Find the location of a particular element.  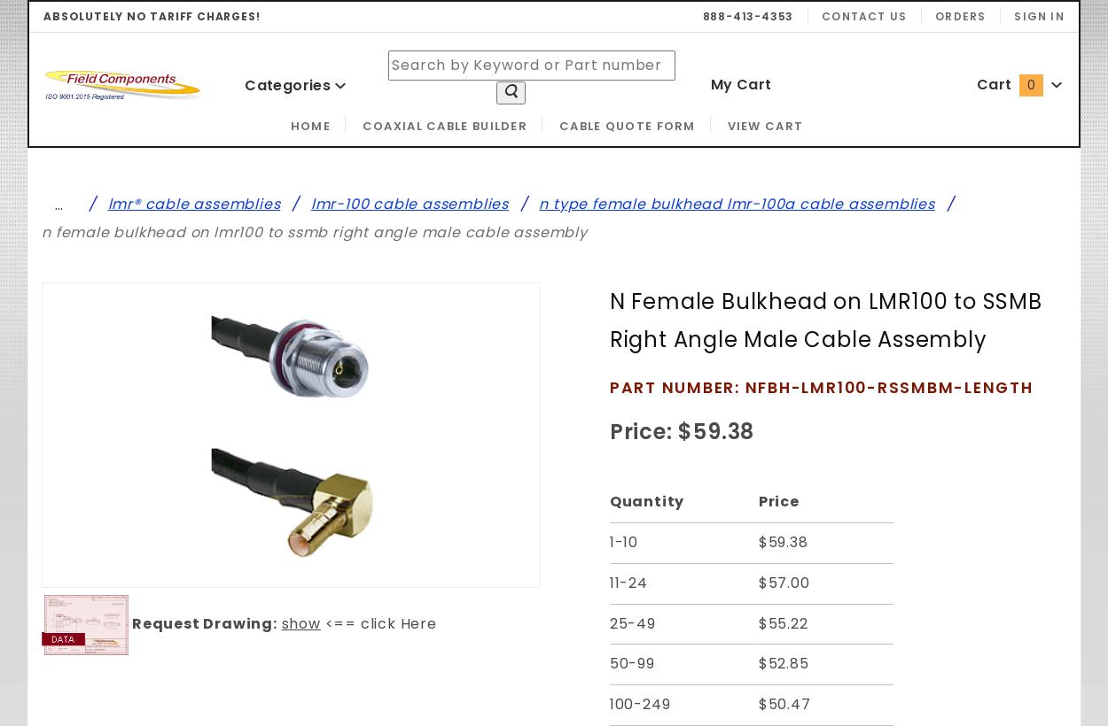

'$55.22' is located at coordinates (757, 622).